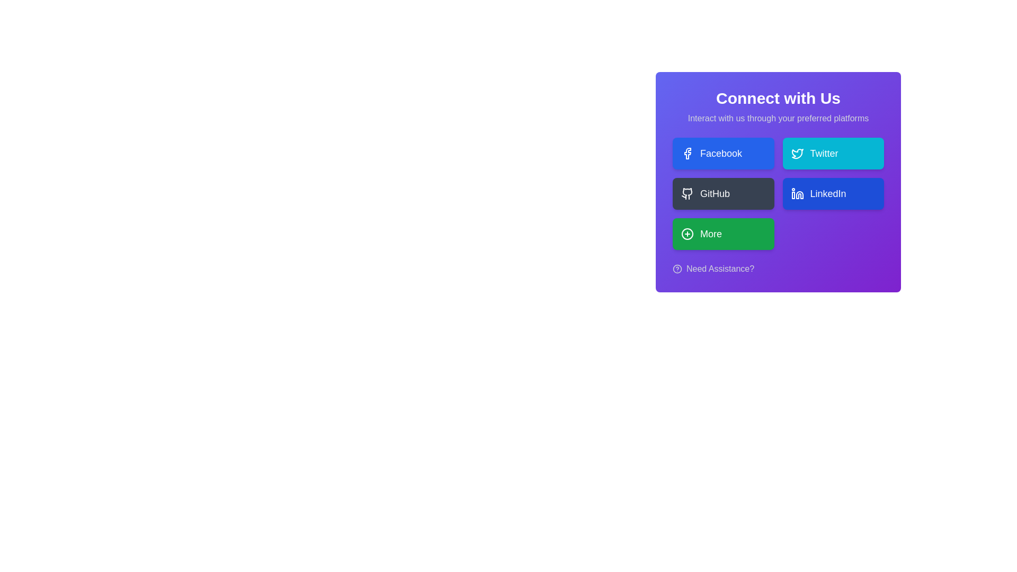 This screenshot has width=1017, height=572. I want to click on the Facebook logo icon, which features a stylized 'f' on a blue background, located within the first button labeled 'Facebook' in the grid of interaction options, so click(687, 153).